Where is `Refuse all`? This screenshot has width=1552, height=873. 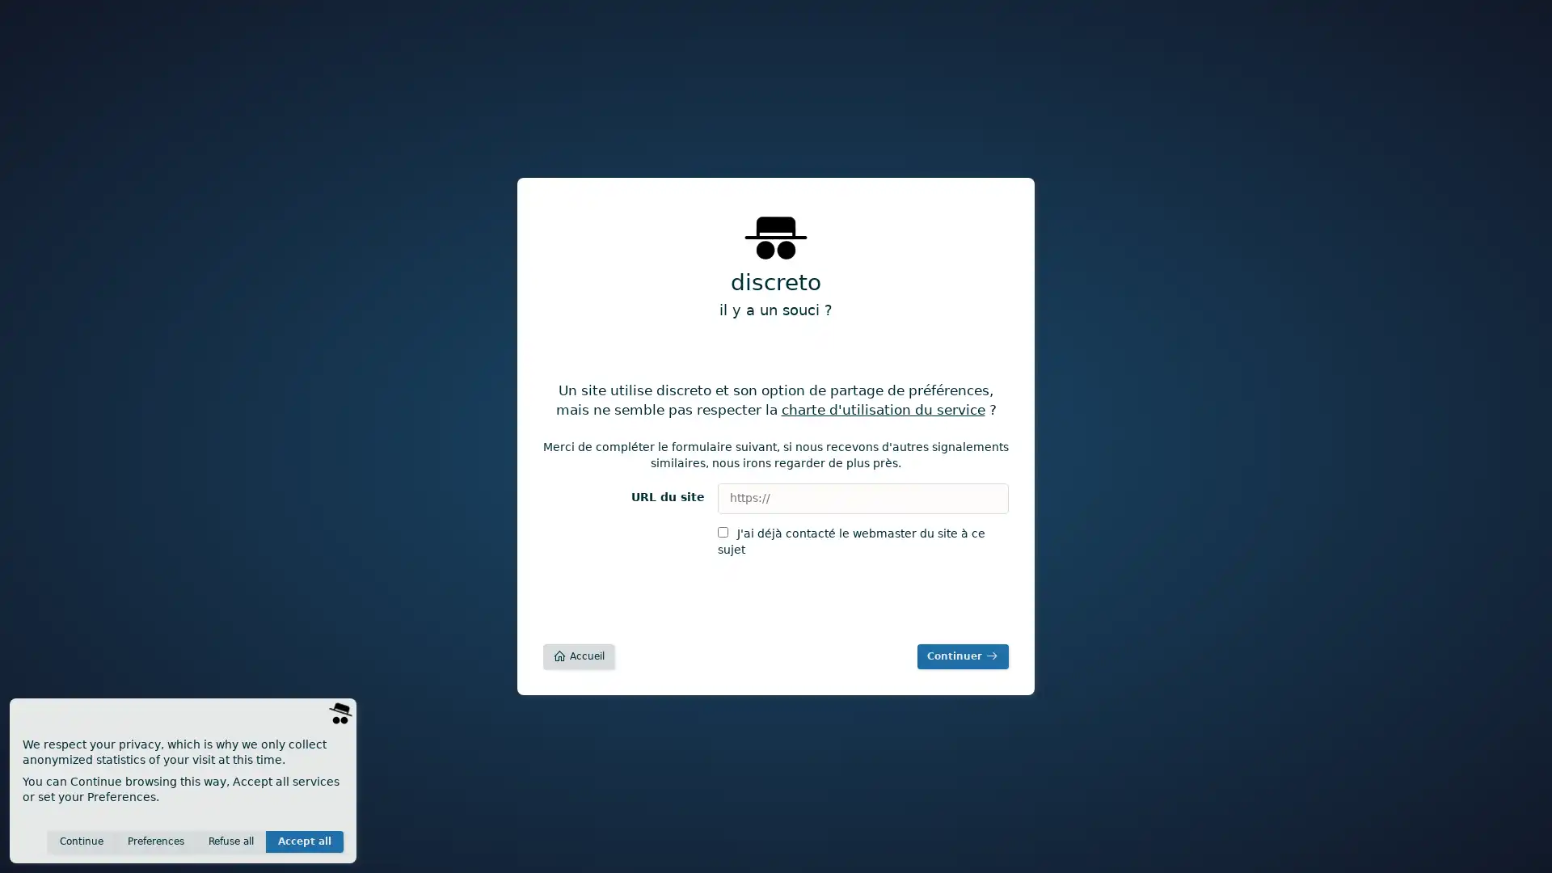
Refuse all is located at coordinates (230, 841).